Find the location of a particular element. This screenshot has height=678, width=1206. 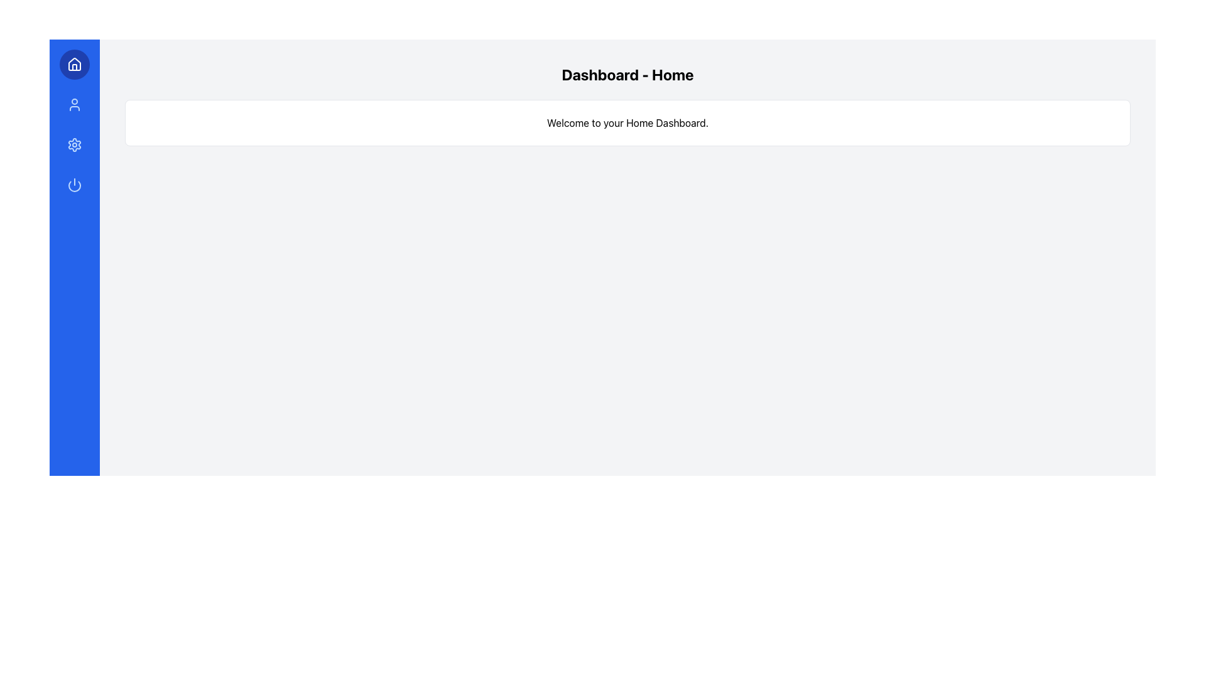

the light blue person icon in the second slot of the vertical sidebar is located at coordinates (74, 104).